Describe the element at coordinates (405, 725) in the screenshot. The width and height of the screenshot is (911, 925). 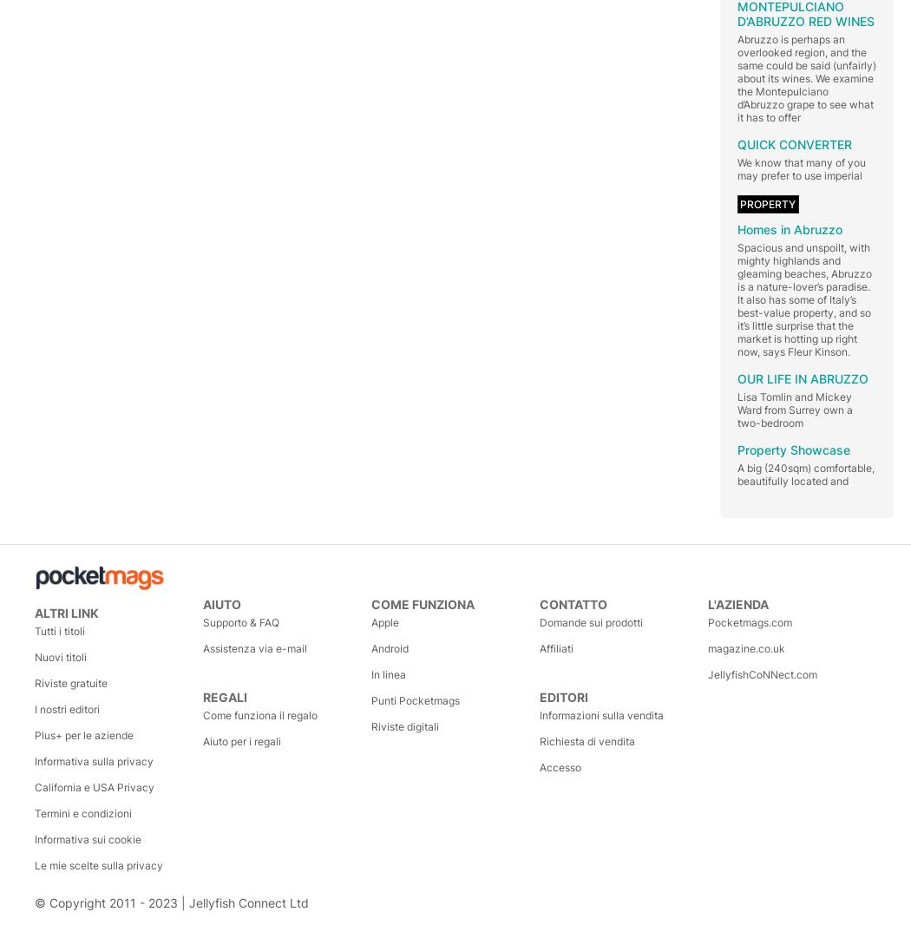
I see `'Riviste digitali'` at that location.